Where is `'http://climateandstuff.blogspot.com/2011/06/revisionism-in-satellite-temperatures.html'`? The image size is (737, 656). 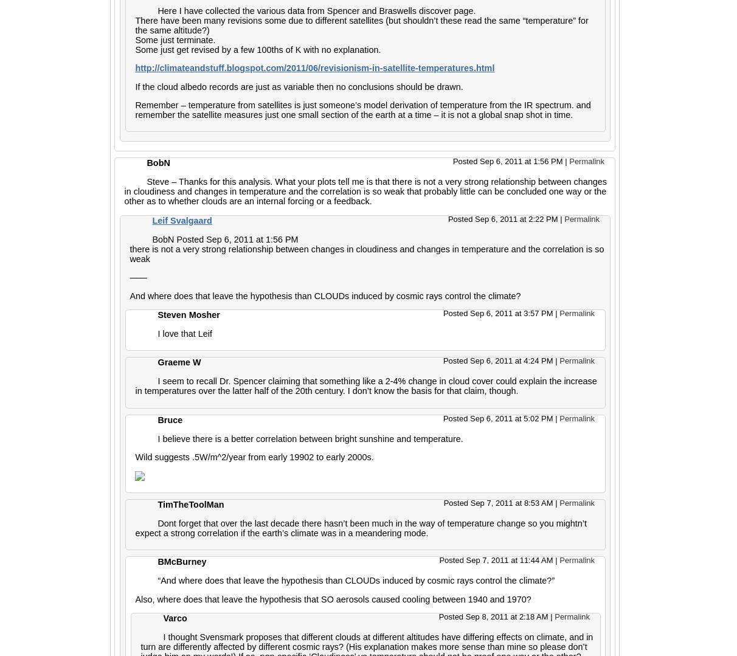
'http://climateandstuff.blogspot.com/2011/06/revisionism-in-satellite-temperatures.html' is located at coordinates (134, 68).